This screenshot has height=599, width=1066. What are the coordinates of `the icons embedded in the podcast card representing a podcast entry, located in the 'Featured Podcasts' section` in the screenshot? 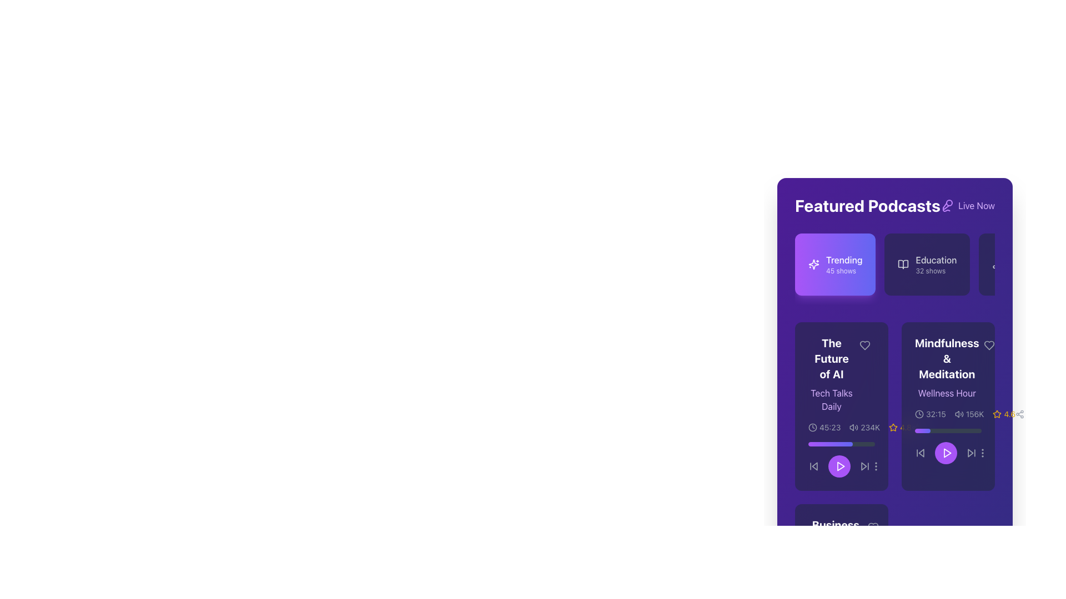 It's located at (948, 406).